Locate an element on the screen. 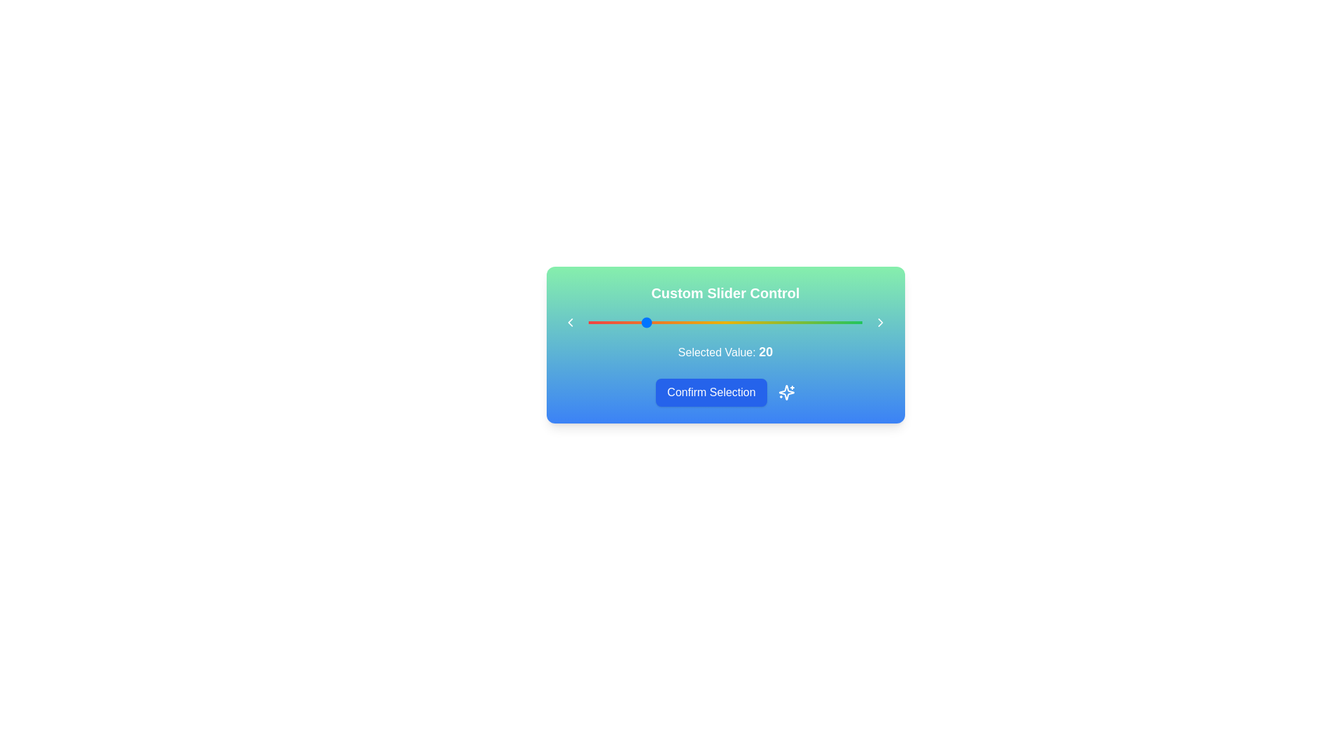 This screenshot has width=1344, height=756. the slider to 82 by dragging the handle is located at coordinates (813, 323).